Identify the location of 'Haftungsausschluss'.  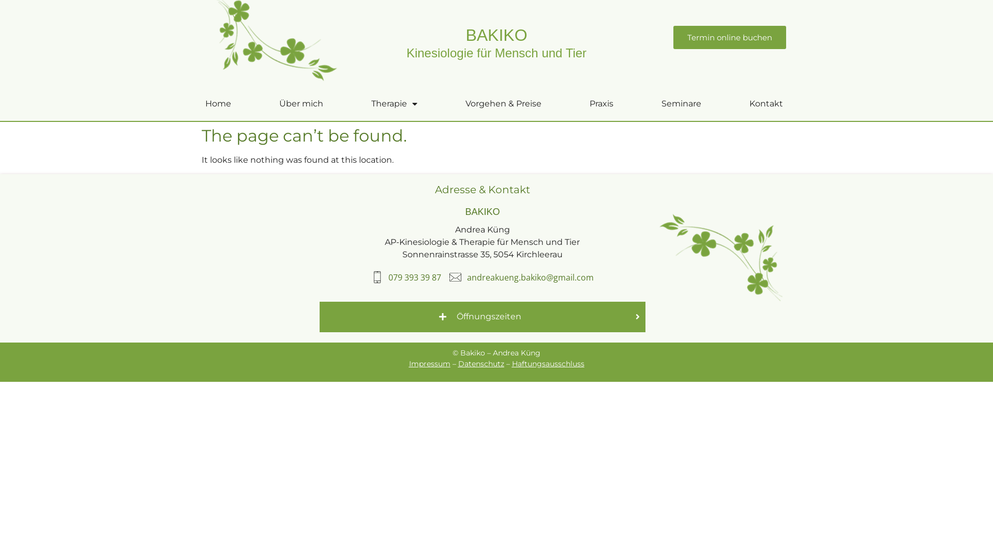
(511, 363).